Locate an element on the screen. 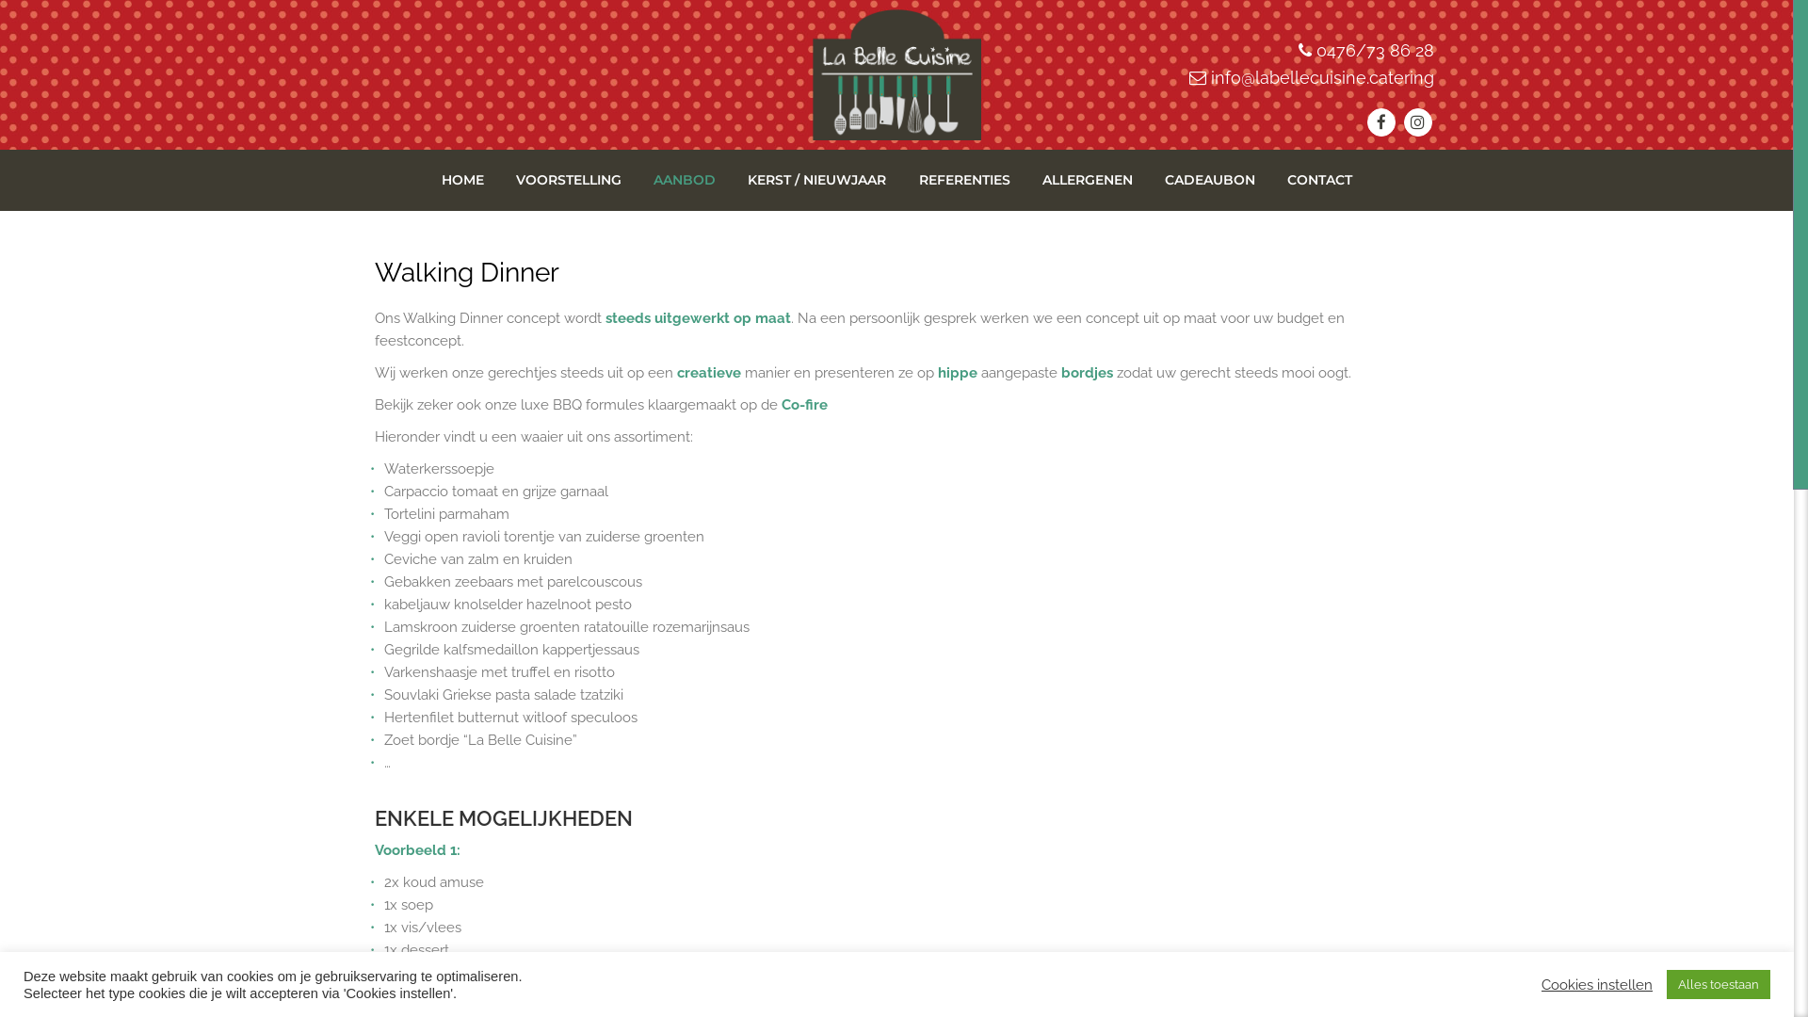 The image size is (1808, 1017). 'REFERENTIES' is located at coordinates (964, 180).